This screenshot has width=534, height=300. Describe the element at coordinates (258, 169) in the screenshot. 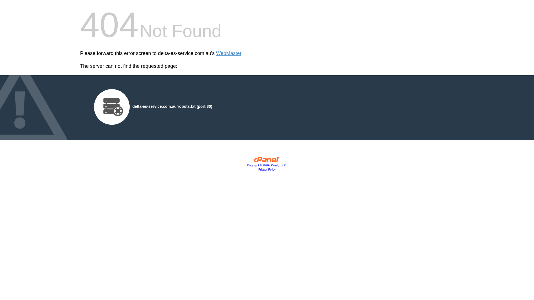

I see `'Privacy Policy'` at that location.